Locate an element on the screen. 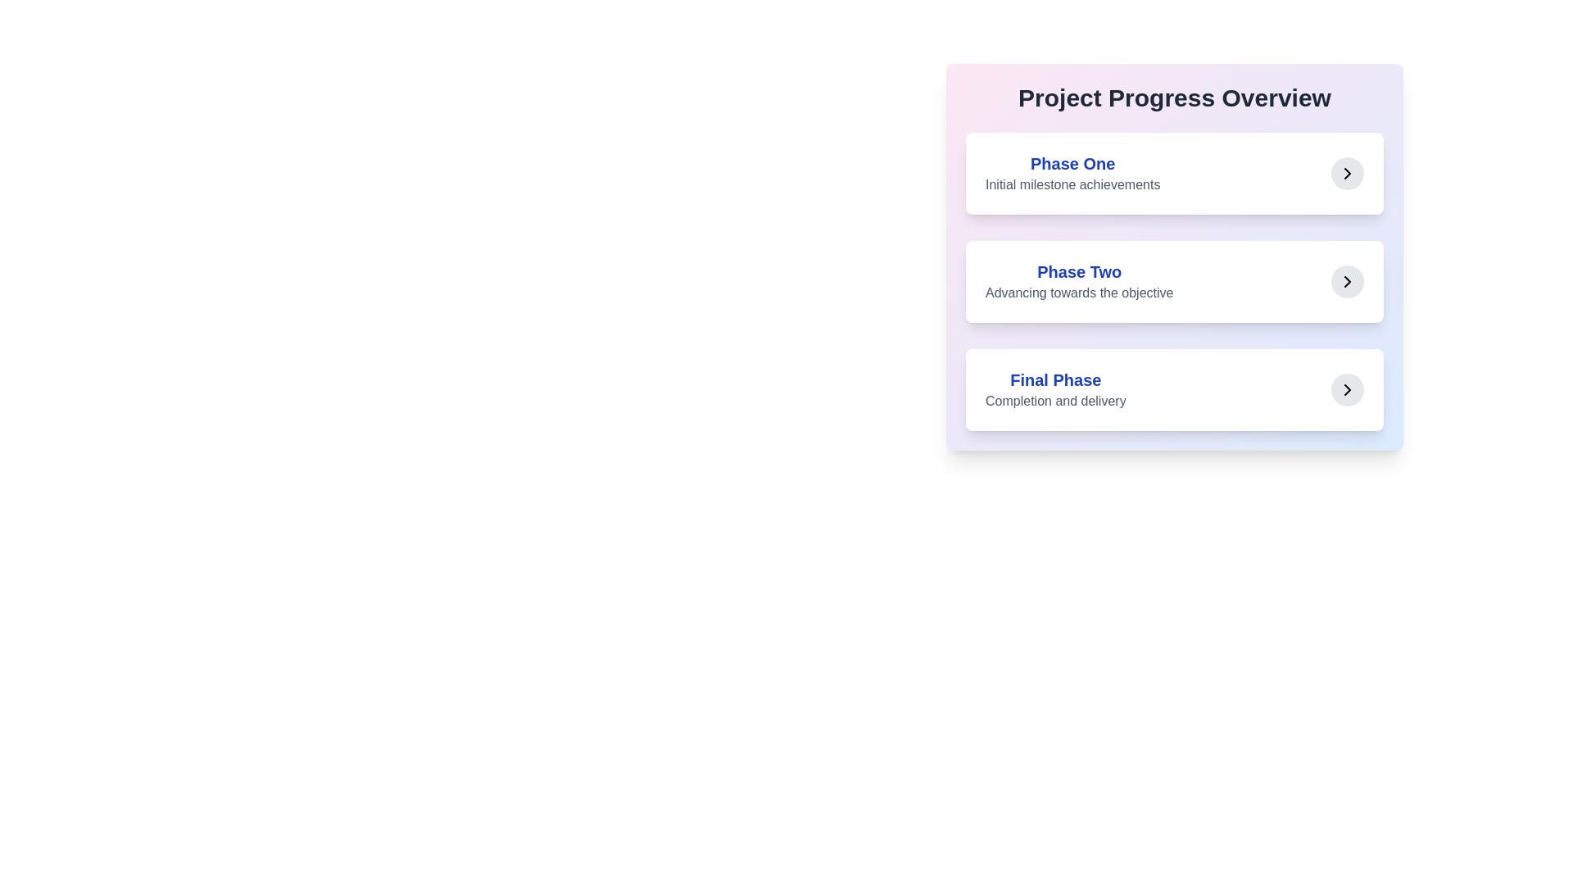  the header text for the first phase of the project located at the top of the first card in the Project Progress Overview section is located at coordinates (1072, 164).